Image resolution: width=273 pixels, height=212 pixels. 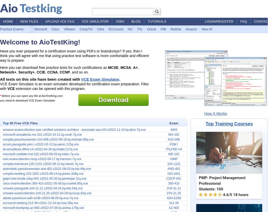 I want to click on 'Oracle', so click(x=151, y=29).